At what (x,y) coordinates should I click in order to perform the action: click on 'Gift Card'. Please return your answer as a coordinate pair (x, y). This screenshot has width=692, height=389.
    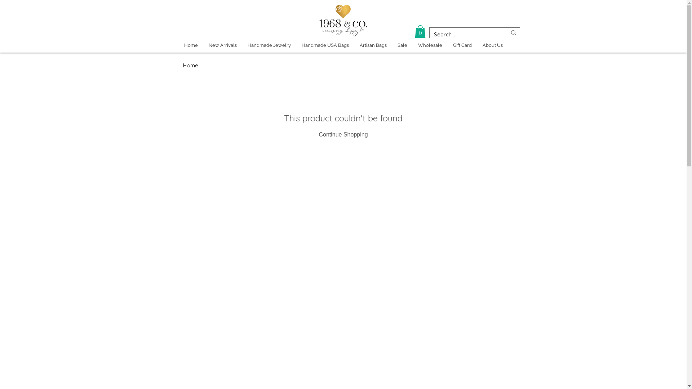
    Looking at the image, I should click on (462, 45).